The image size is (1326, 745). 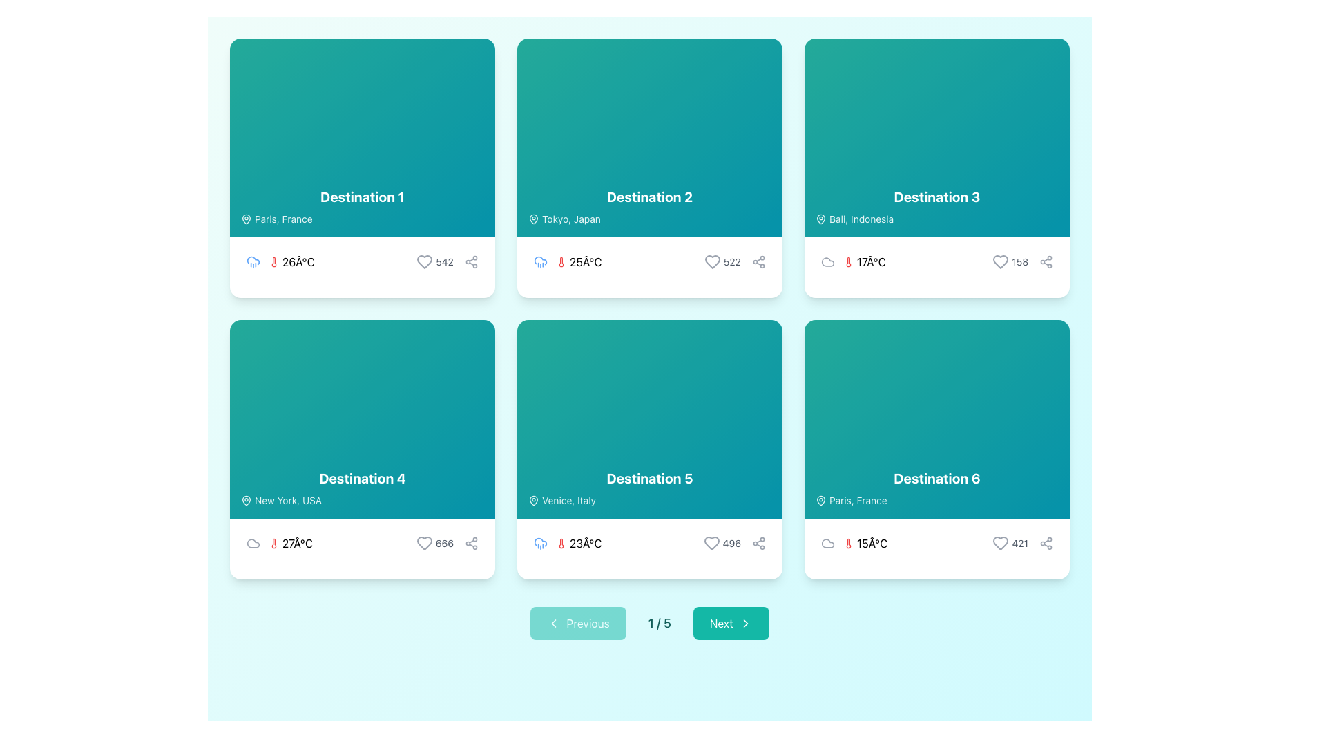 What do you see at coordinates (852, 262) in the screenshot?
I see `weather information provided by the Label with graphical icons for 'Destination 3', located in the bottom-left corner of the third card in the grid layout` at bounding box center [852, 262].